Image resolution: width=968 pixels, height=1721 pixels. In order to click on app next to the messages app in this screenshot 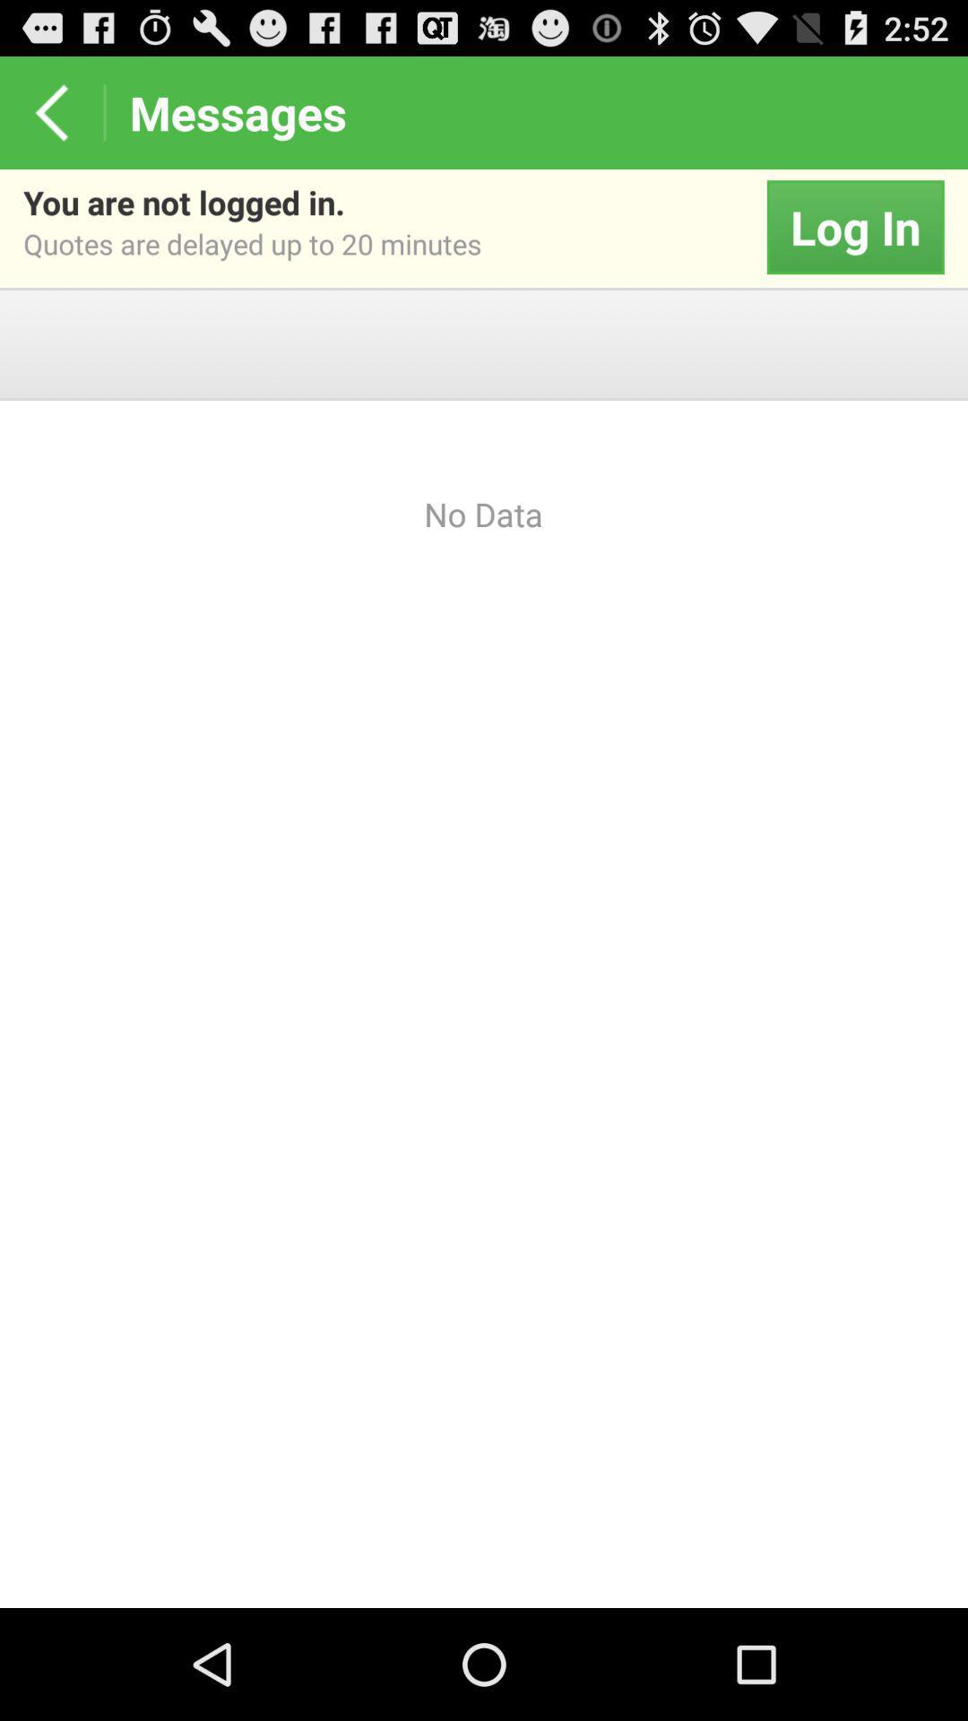, I will do `click(50, 111)`.